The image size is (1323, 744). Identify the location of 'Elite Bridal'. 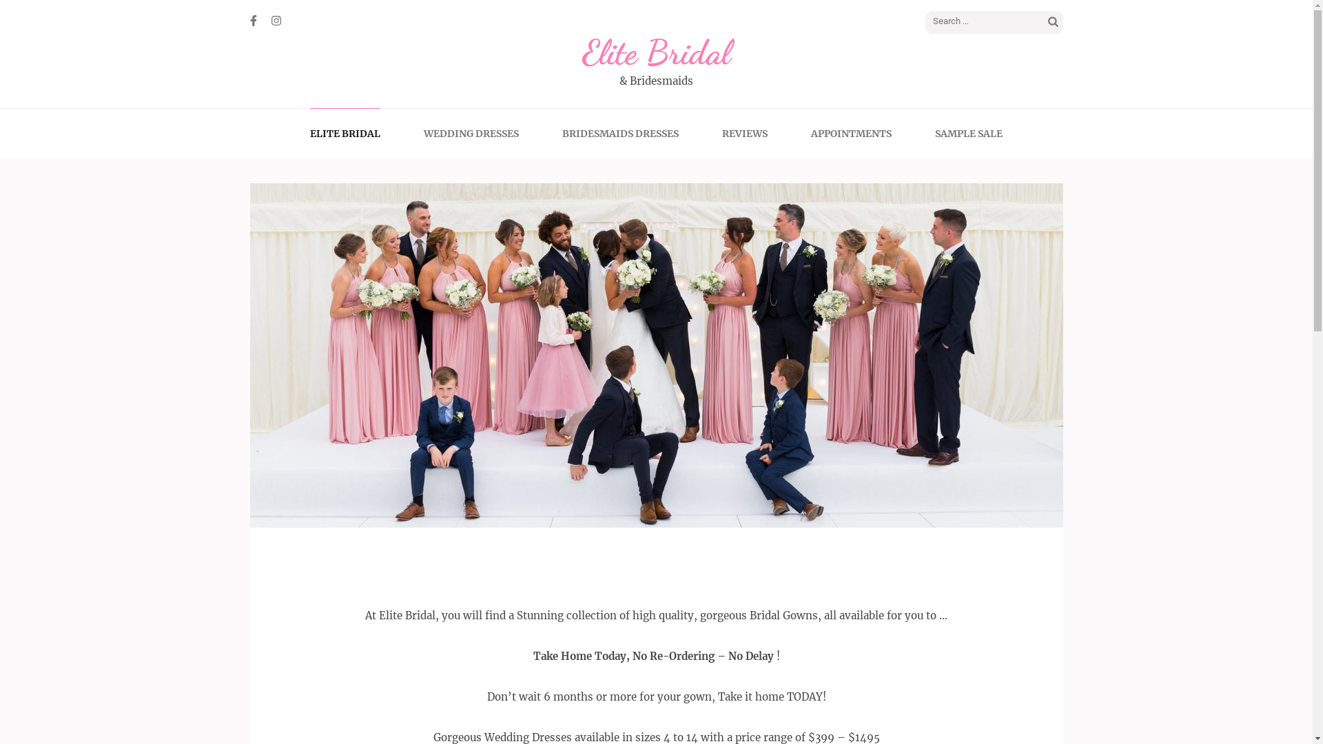
(655, 52).